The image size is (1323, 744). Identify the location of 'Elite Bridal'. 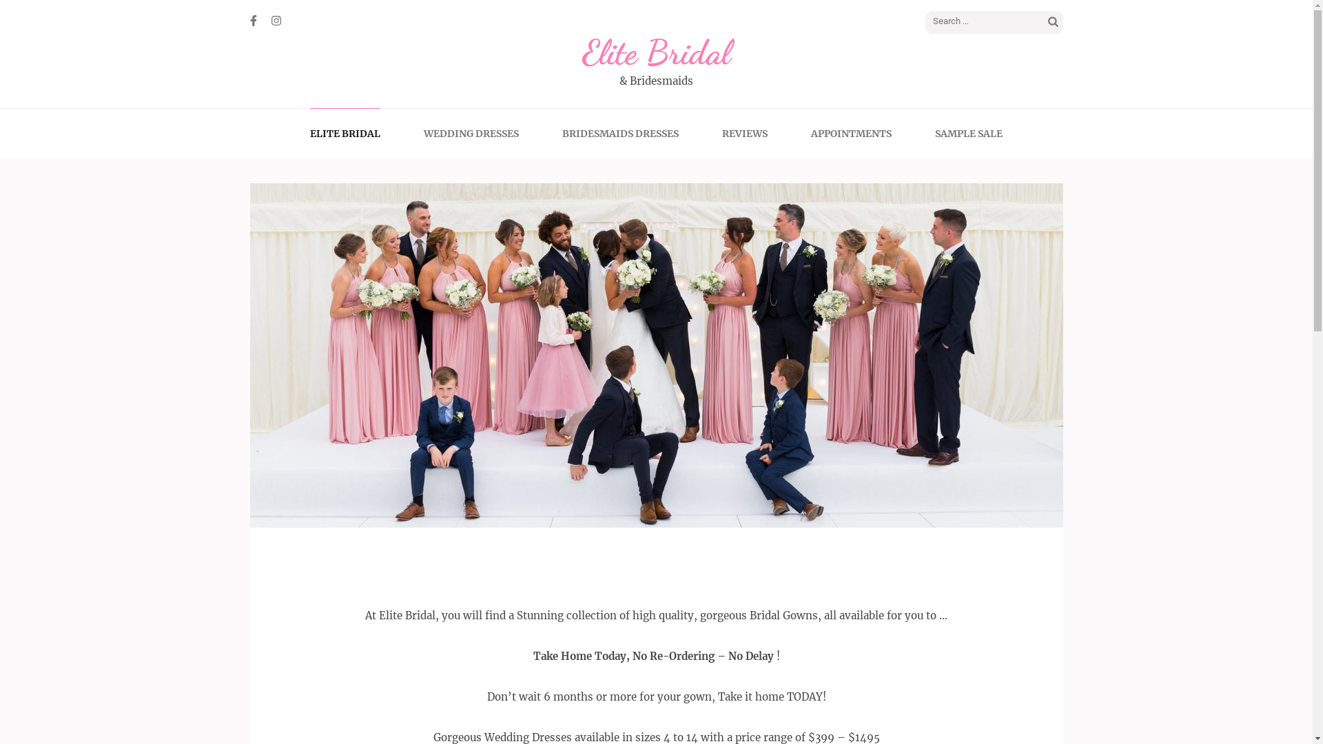
(655, 52).